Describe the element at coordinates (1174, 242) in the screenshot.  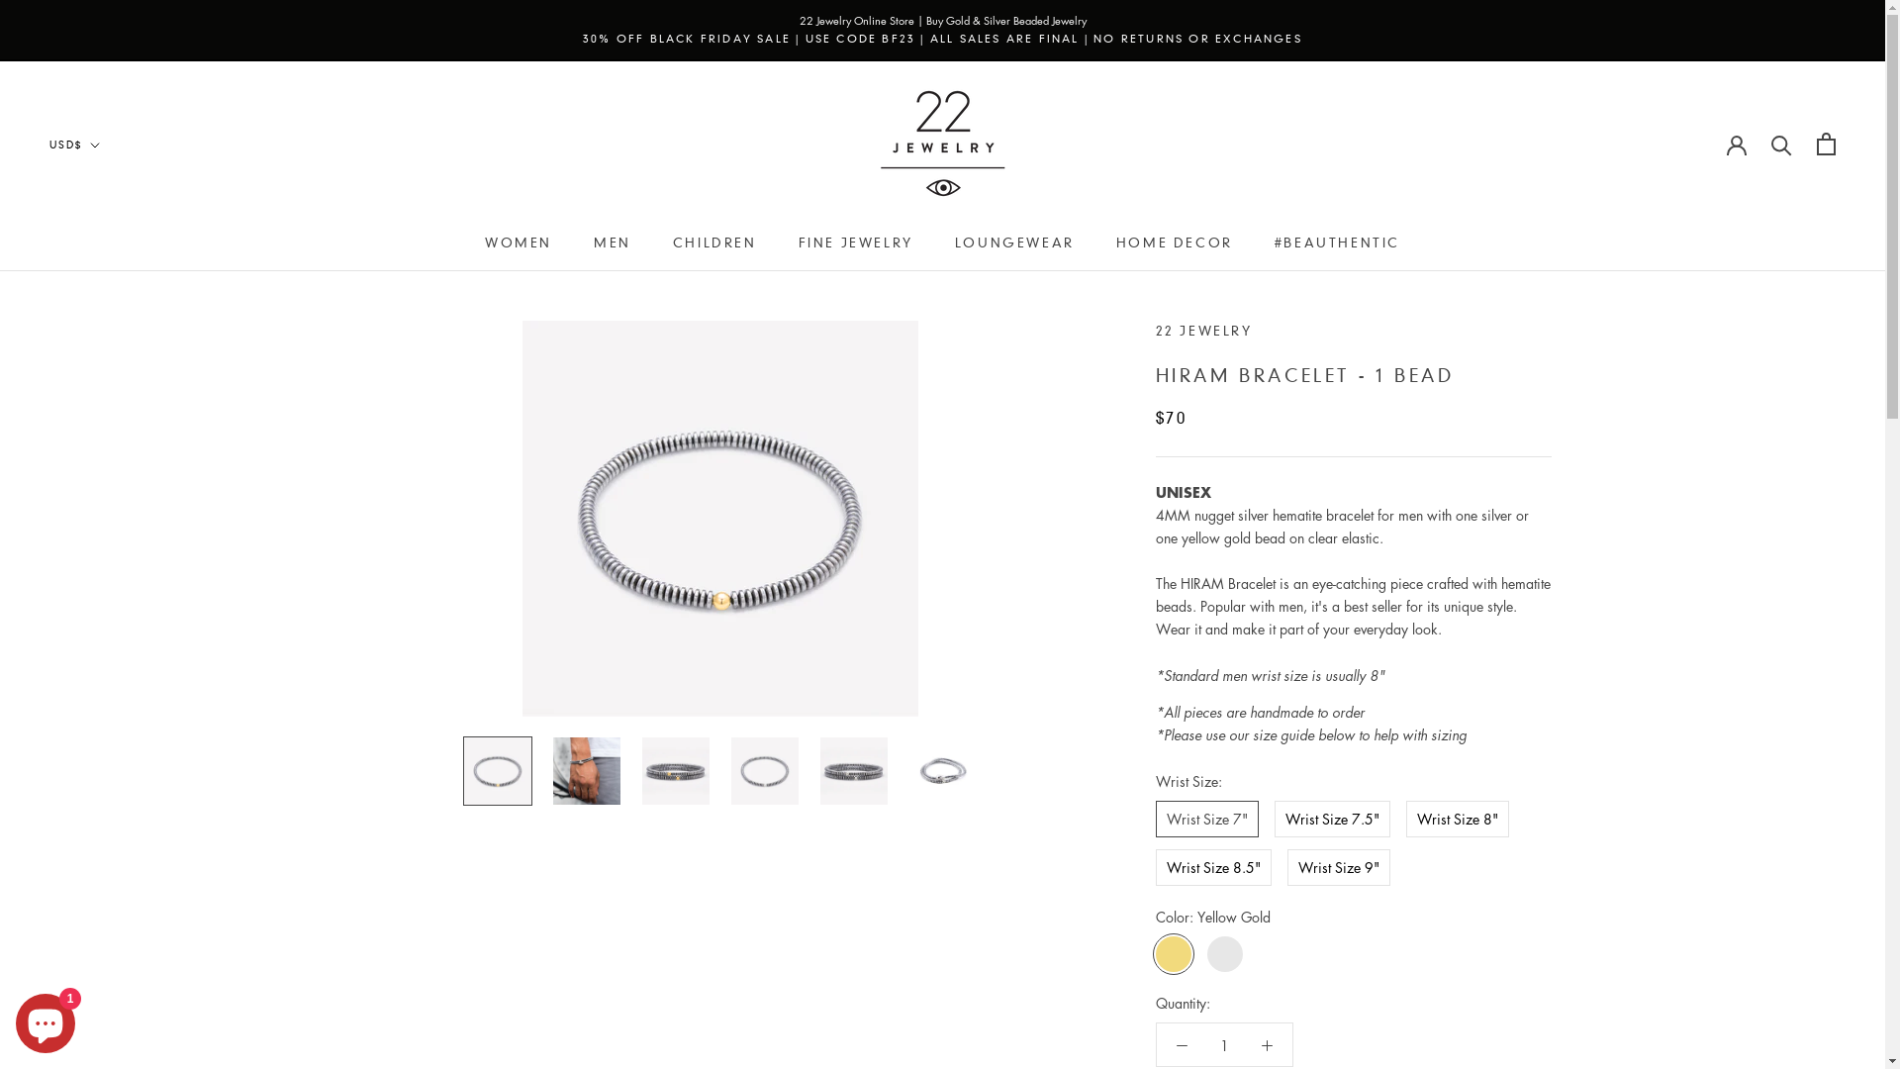
I see `'HOME DECOR` at that location.